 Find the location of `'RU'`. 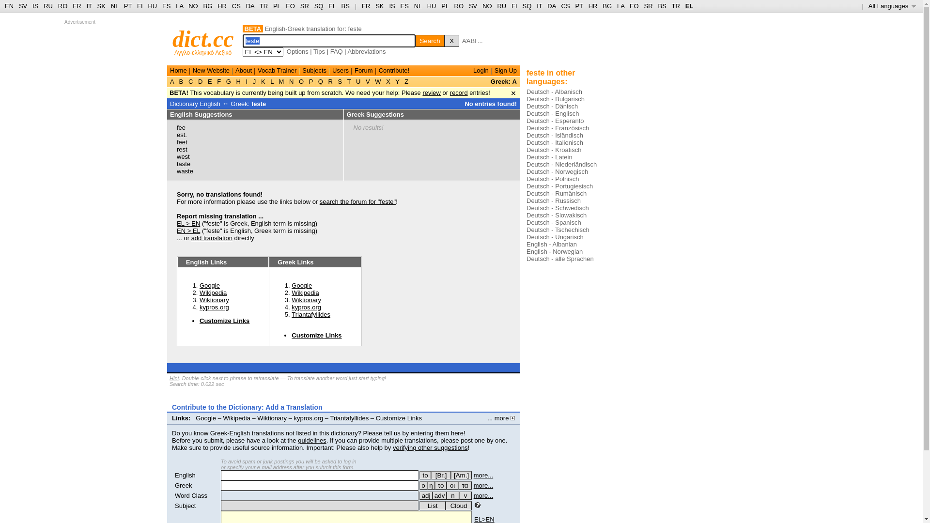

'RU' is located at coordinates (501, 6).